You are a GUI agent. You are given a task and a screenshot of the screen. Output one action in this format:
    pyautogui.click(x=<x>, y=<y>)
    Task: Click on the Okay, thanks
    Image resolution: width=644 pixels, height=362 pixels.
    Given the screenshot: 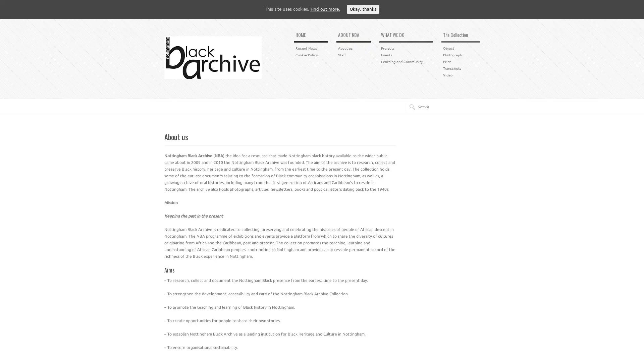 What is the action you would take?
    pyautogui.click(x=362, y=9)
    